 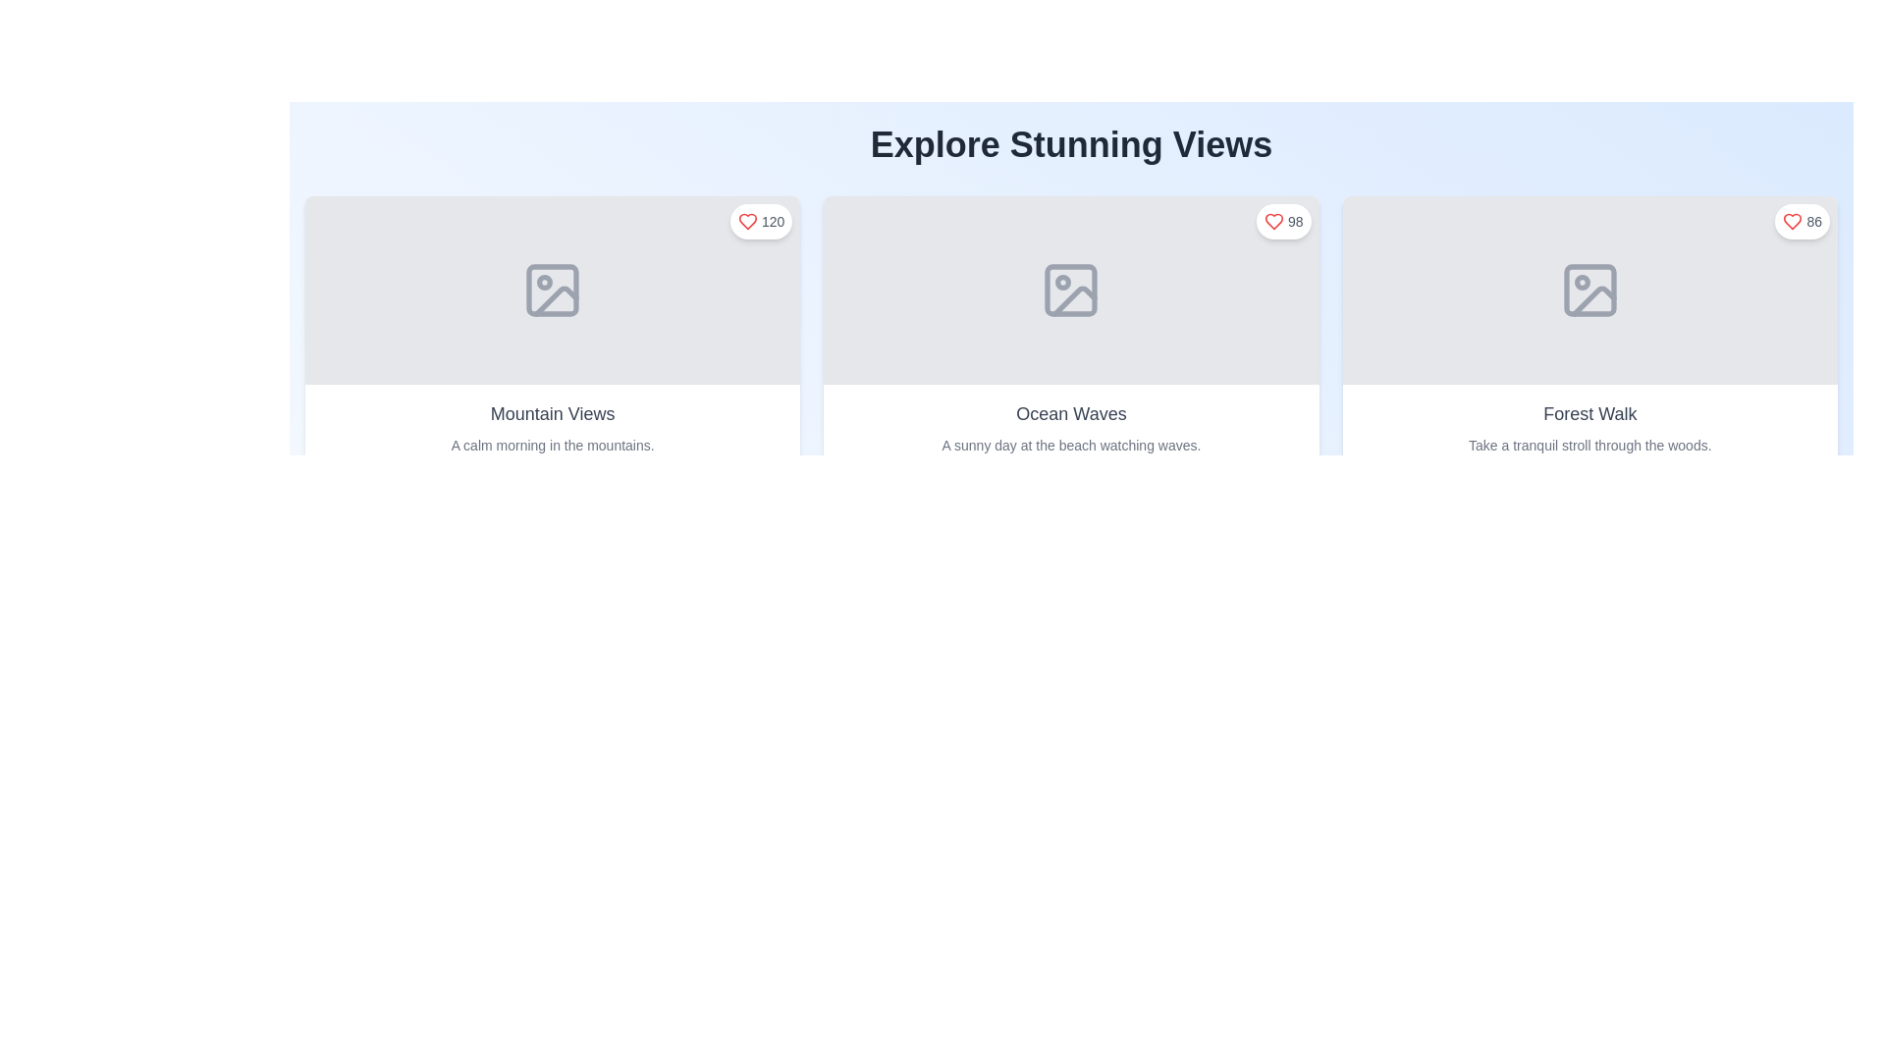 I want to click on the static text label displaying 'Ocean Waves' in a large, bold font style and dark gray color, which is prominently positioned within a card layout above the descriptive text, so click(x=1070, y=412).